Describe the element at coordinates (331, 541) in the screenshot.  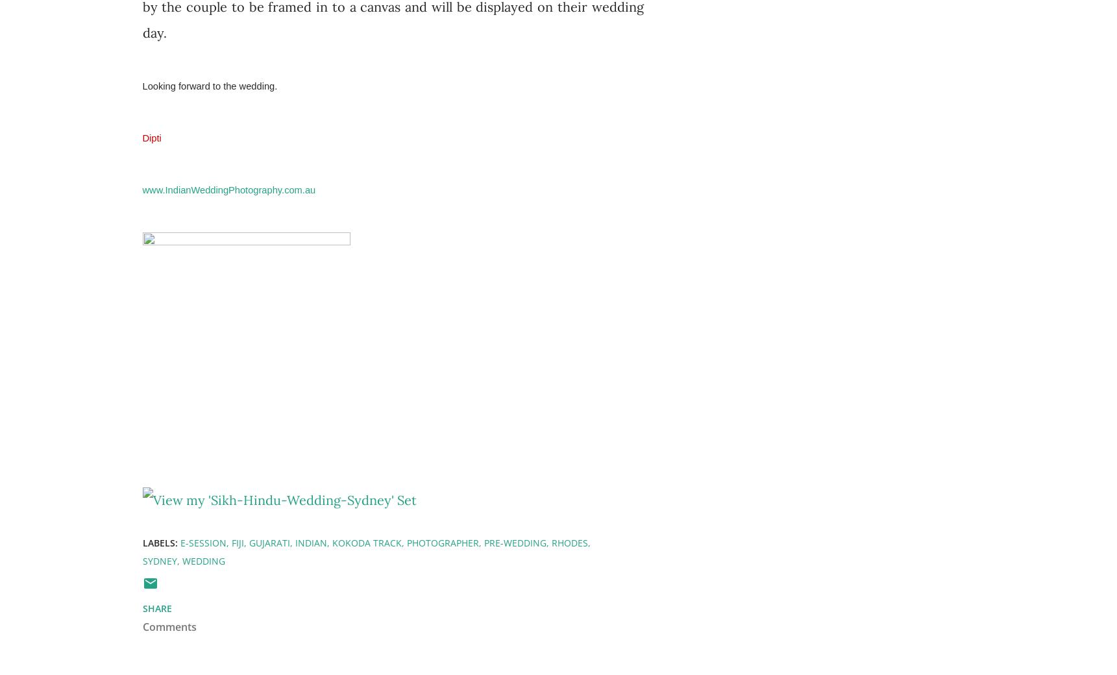
I see `'kokoda track'` at that location.